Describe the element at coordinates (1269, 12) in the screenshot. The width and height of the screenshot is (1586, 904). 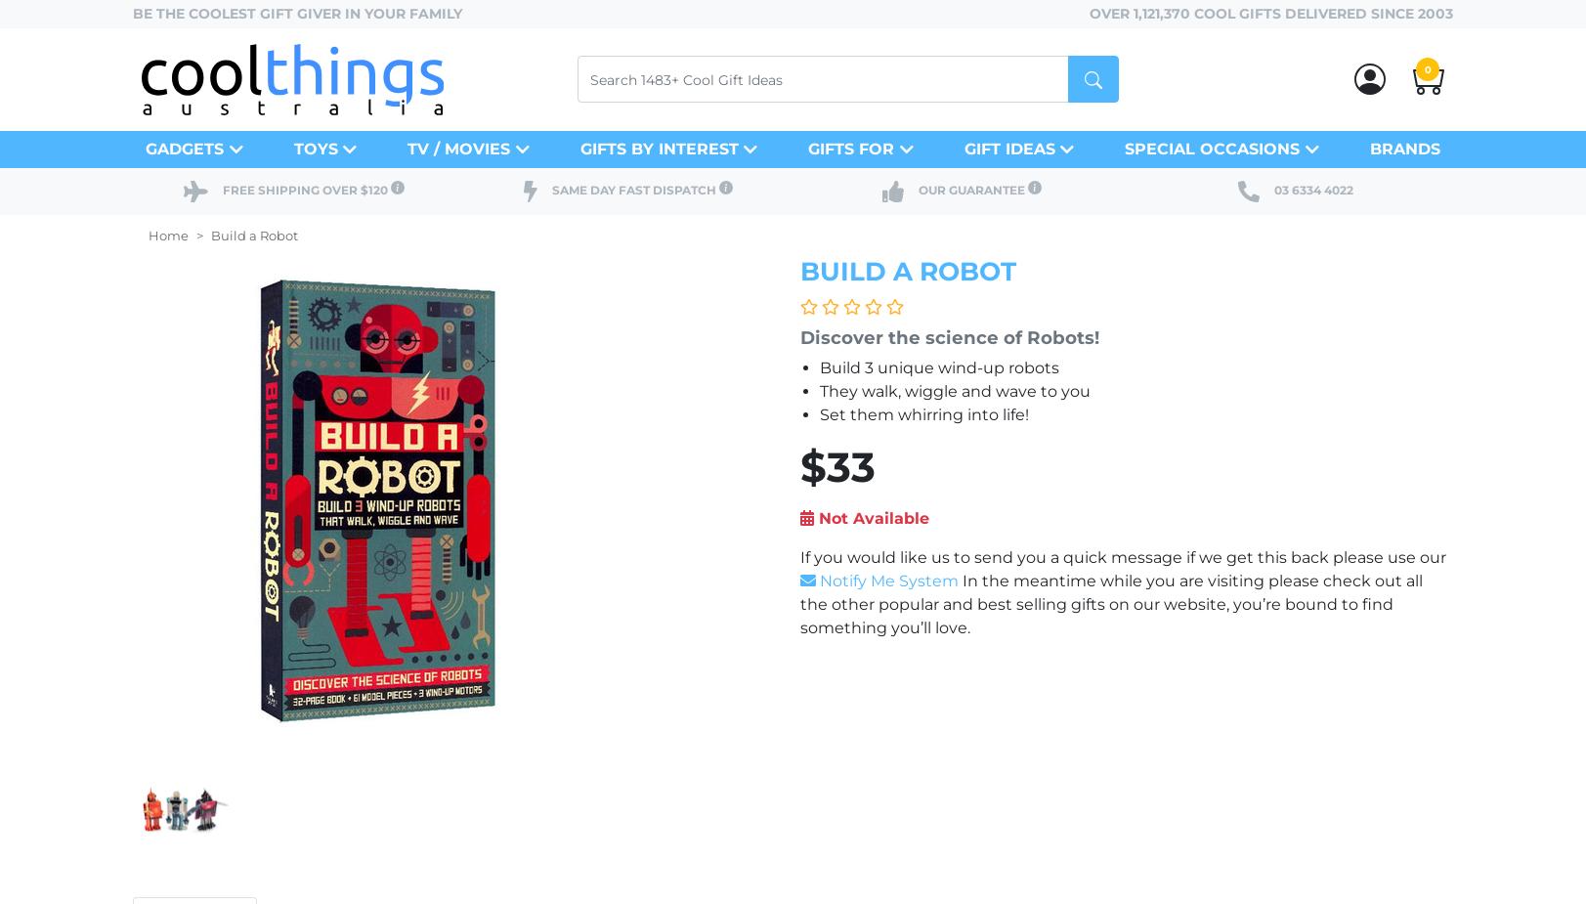
I see `'Over 1,121,370 Cool Gifts Delivered Since 2003'` at that location.